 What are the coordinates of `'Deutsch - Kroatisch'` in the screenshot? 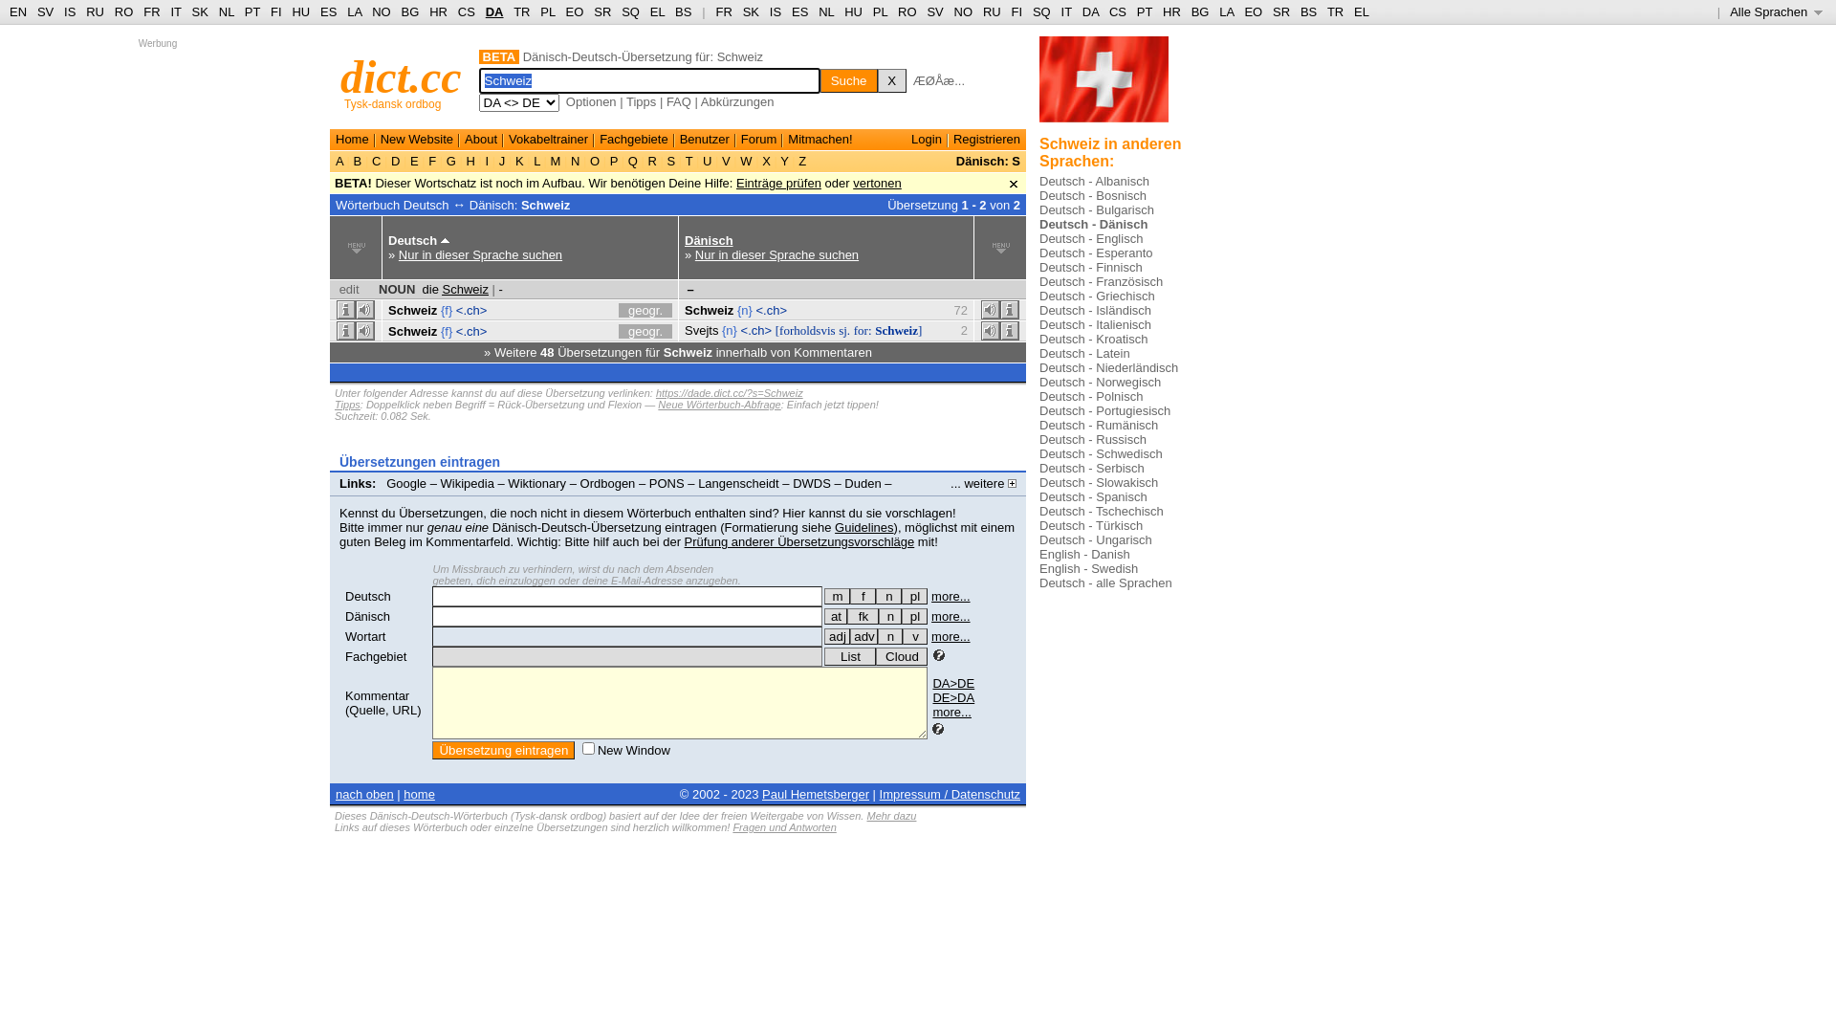 It's located at (1093, 338).